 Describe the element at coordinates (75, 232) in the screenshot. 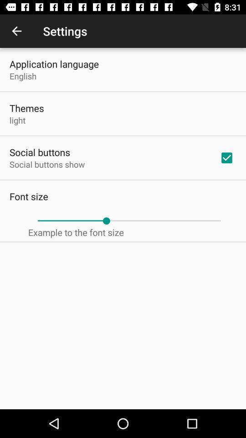

I see `example to the` at that location.